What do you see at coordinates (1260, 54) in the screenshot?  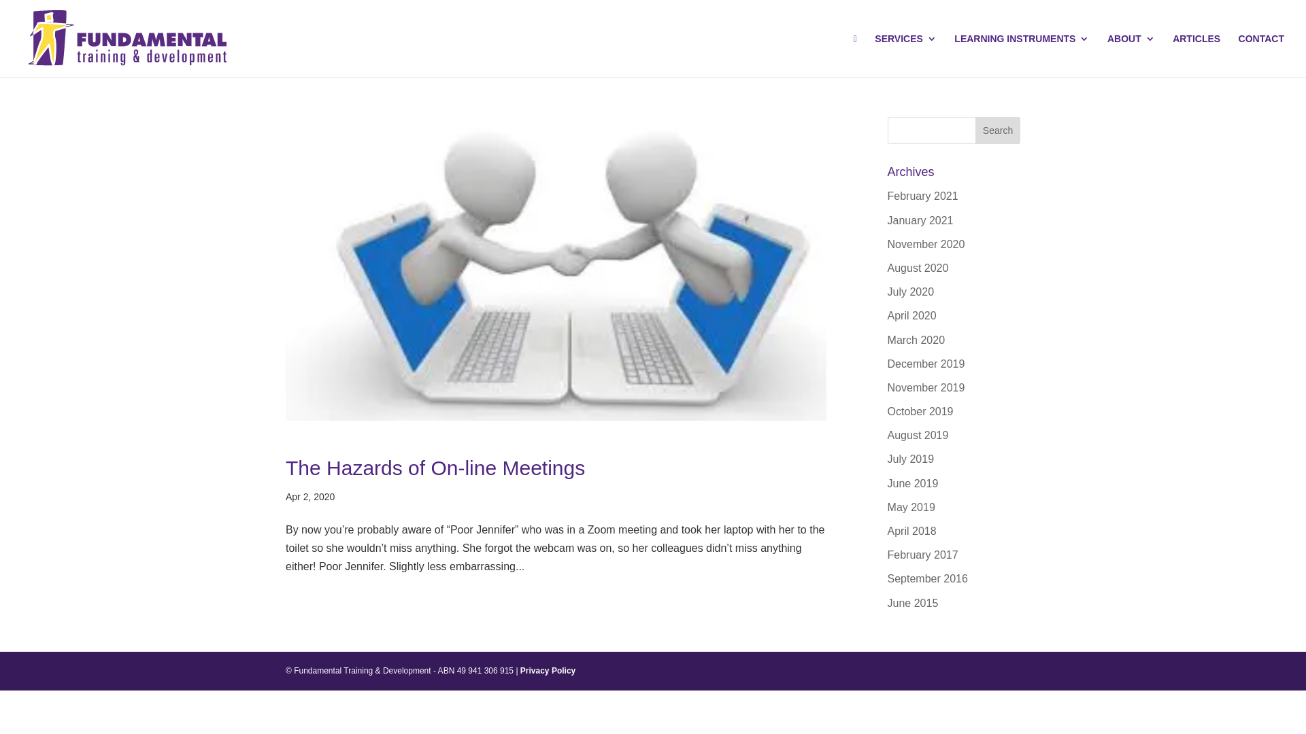 I see `'CONTACT'` at bounding box center [1260, 54].